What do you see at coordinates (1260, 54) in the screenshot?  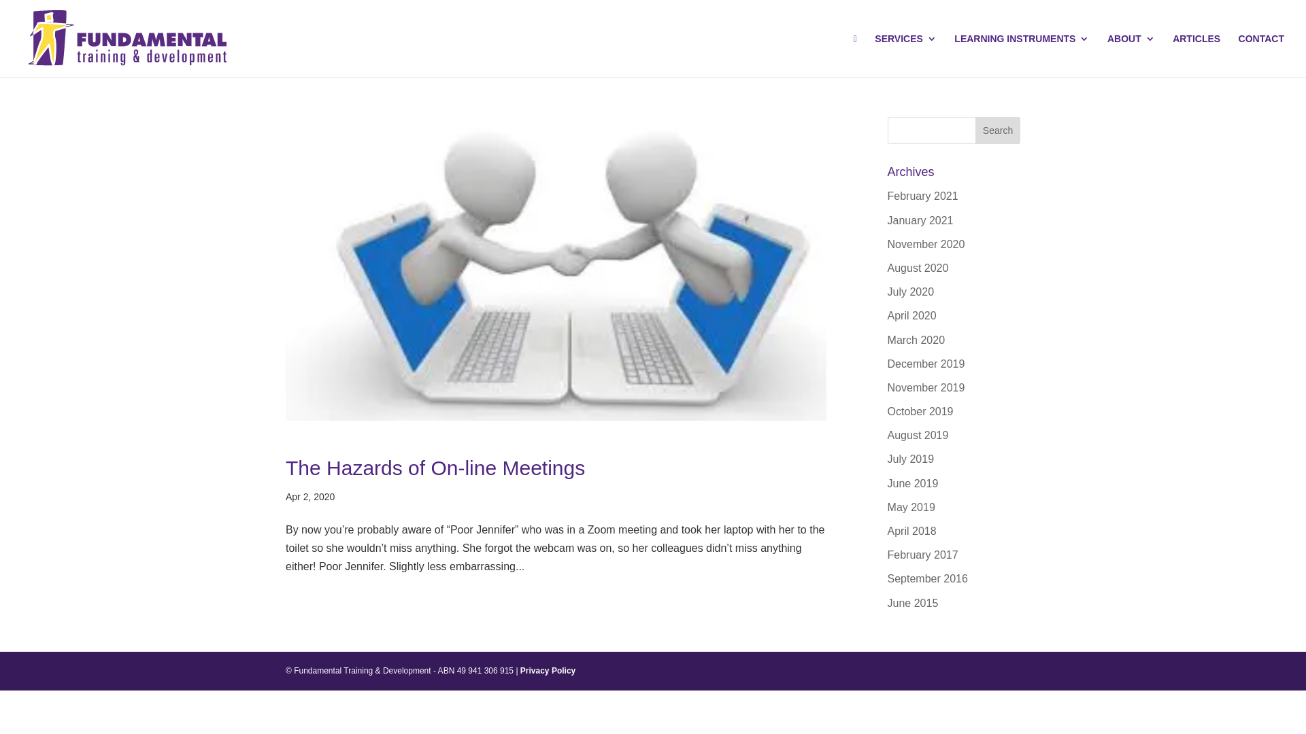 I see `'CONTACT'` at bounding box center [1260, 54].